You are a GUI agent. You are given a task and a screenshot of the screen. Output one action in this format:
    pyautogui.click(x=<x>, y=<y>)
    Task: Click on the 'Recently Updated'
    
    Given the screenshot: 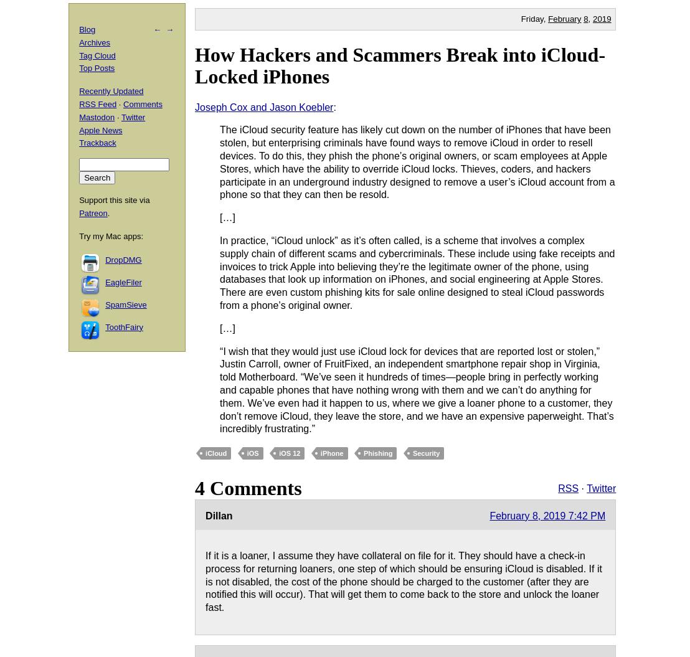 What is the action you would take?
    pyautogui.click(x=110, y=91)
    